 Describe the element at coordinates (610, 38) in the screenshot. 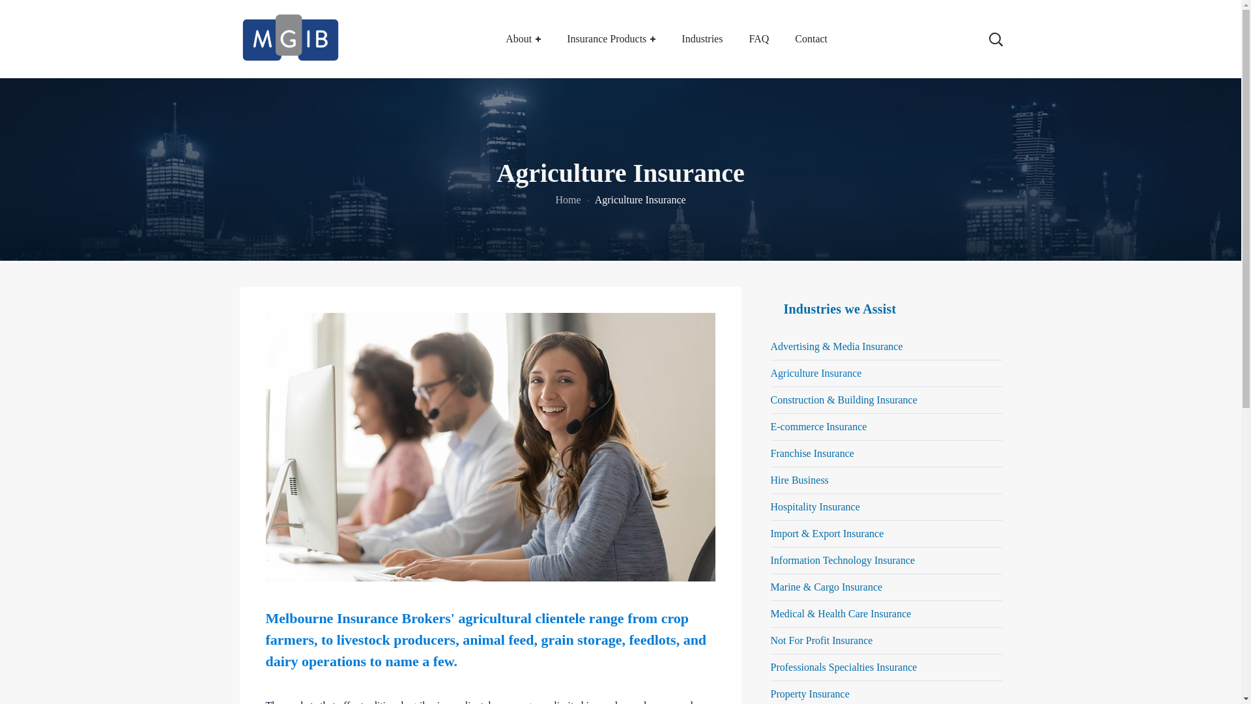

I see `'Insurance Products'` at that location.